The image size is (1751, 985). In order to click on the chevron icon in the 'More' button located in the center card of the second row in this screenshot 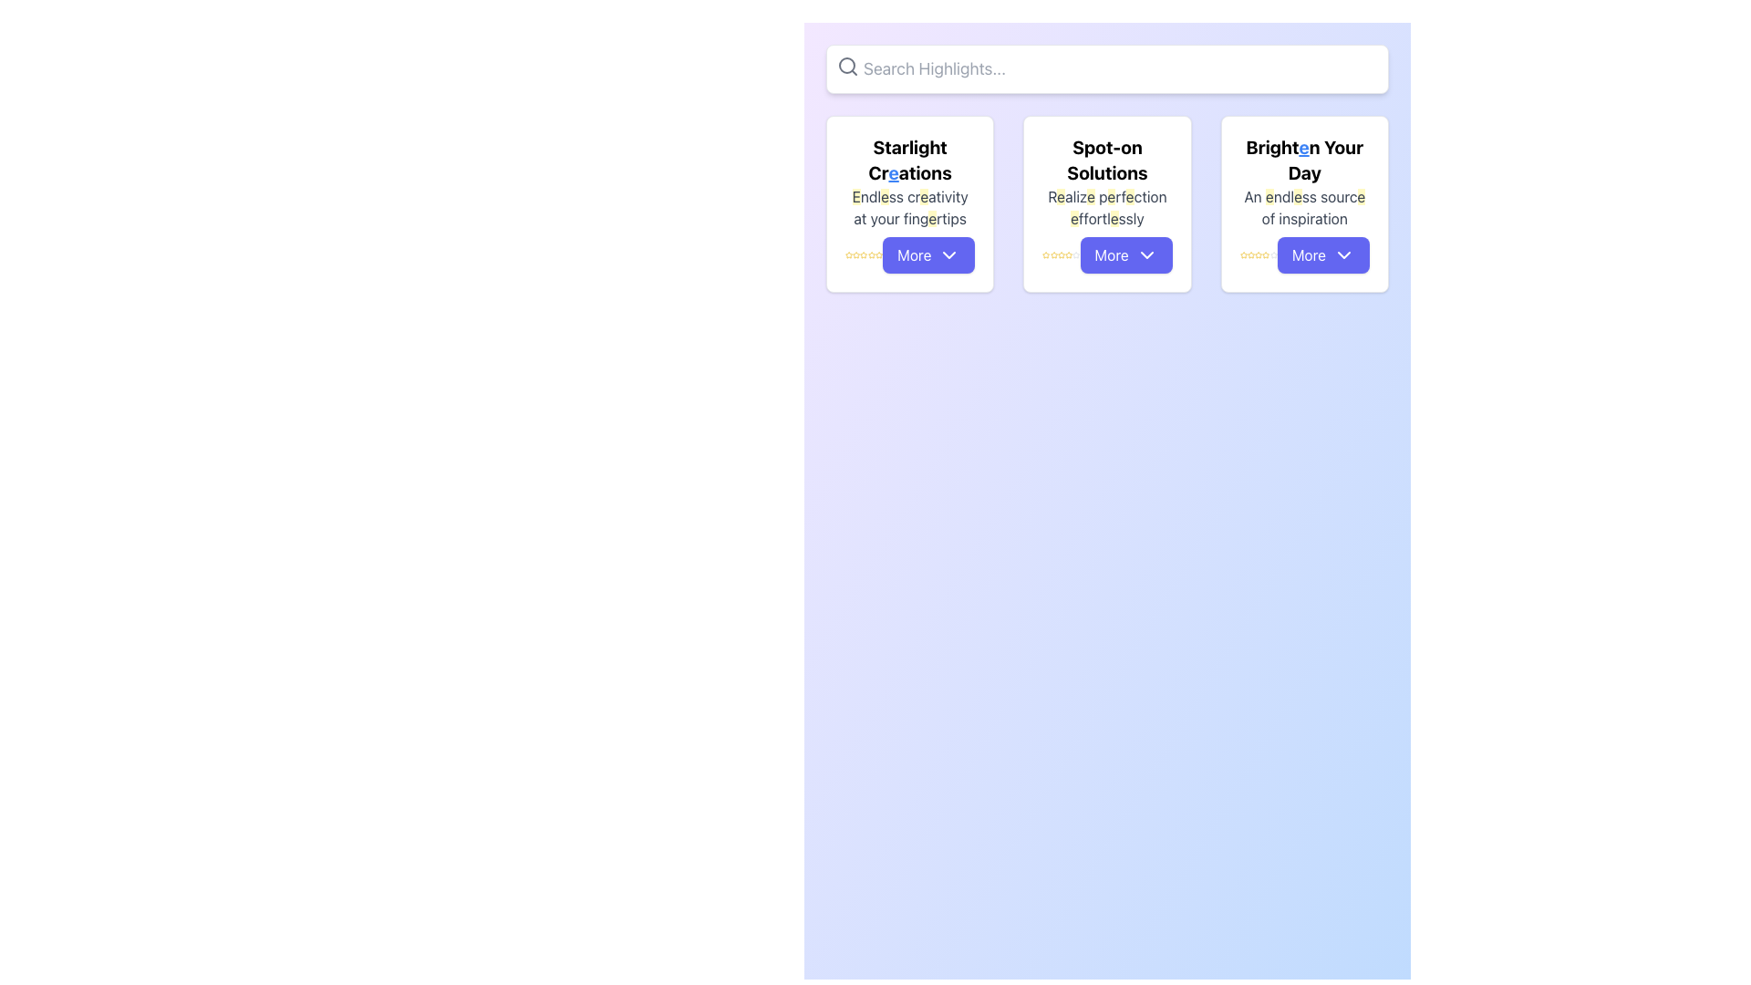, I will do `click(1145, 255)`.